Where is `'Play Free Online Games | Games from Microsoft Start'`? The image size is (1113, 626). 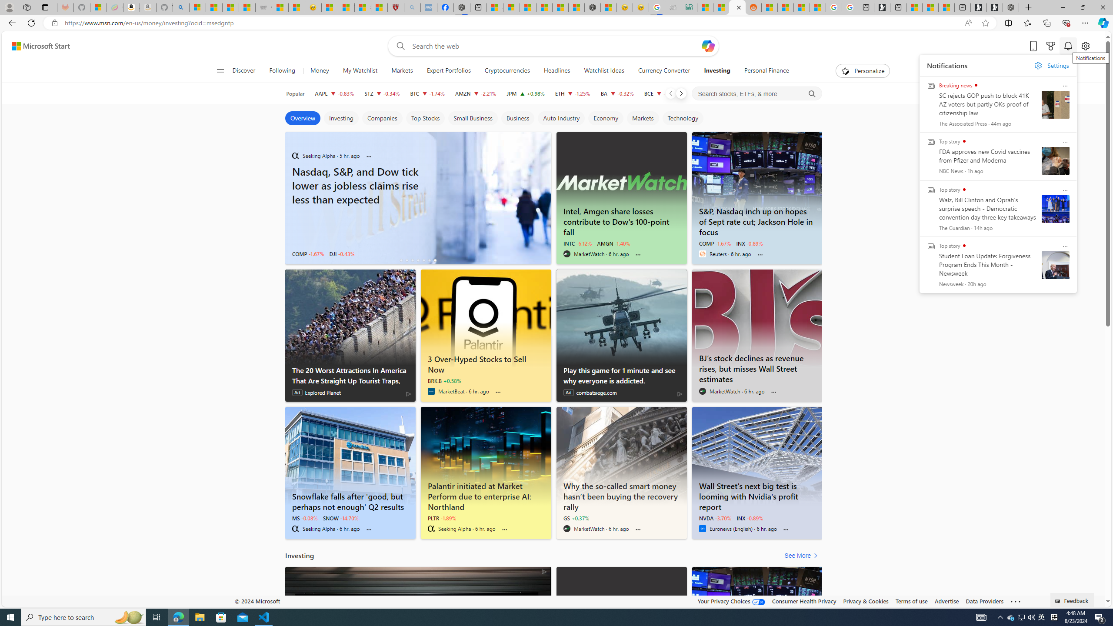
'Play Free Online Games | Games from Microsoft Start' is located at coordinates (994, 7).